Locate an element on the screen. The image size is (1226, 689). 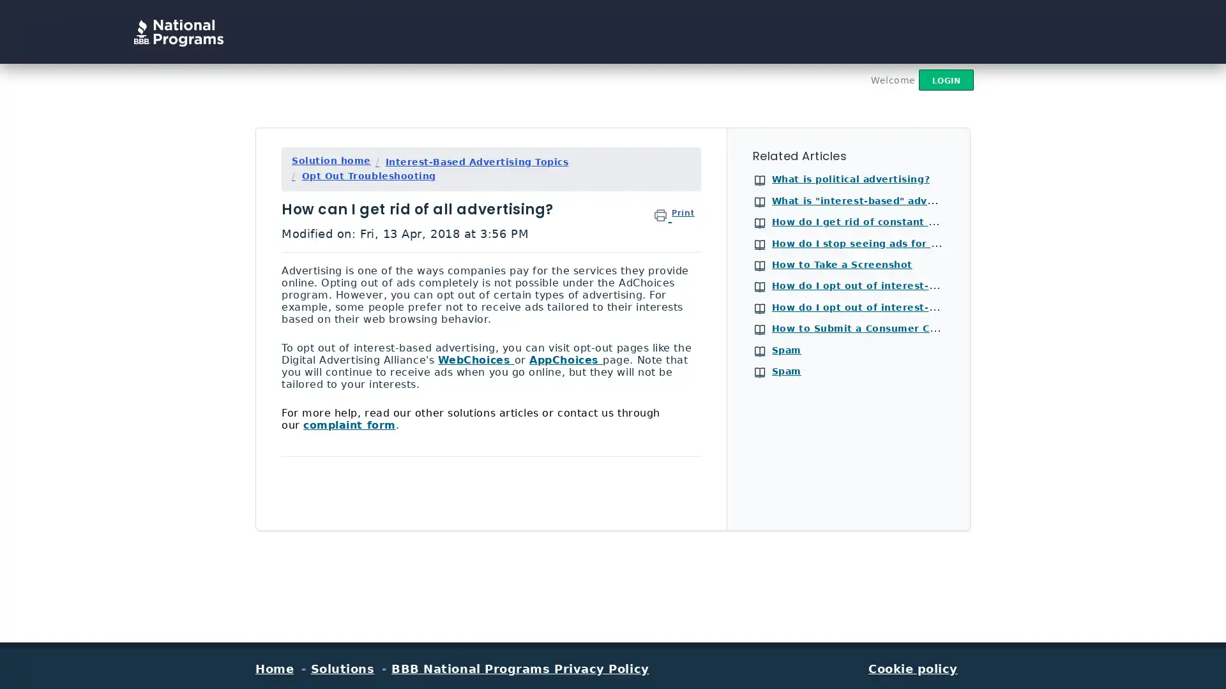
Search is located at coordinates (282, 48).